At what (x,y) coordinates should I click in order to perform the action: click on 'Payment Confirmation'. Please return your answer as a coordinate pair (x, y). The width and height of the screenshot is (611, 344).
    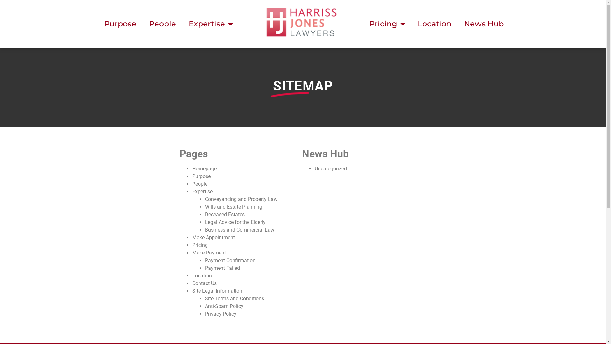
    Looking at the image, I should click on (205, 260).